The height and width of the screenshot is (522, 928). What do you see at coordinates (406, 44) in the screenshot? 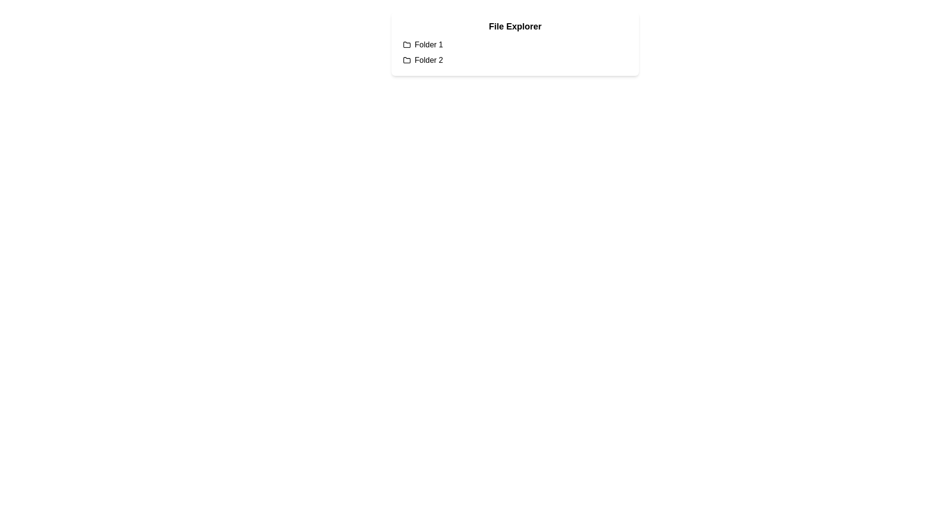
I see `the folder icon positioned to the left of the label 'Folder 1'` at bounding box center [406, 44].